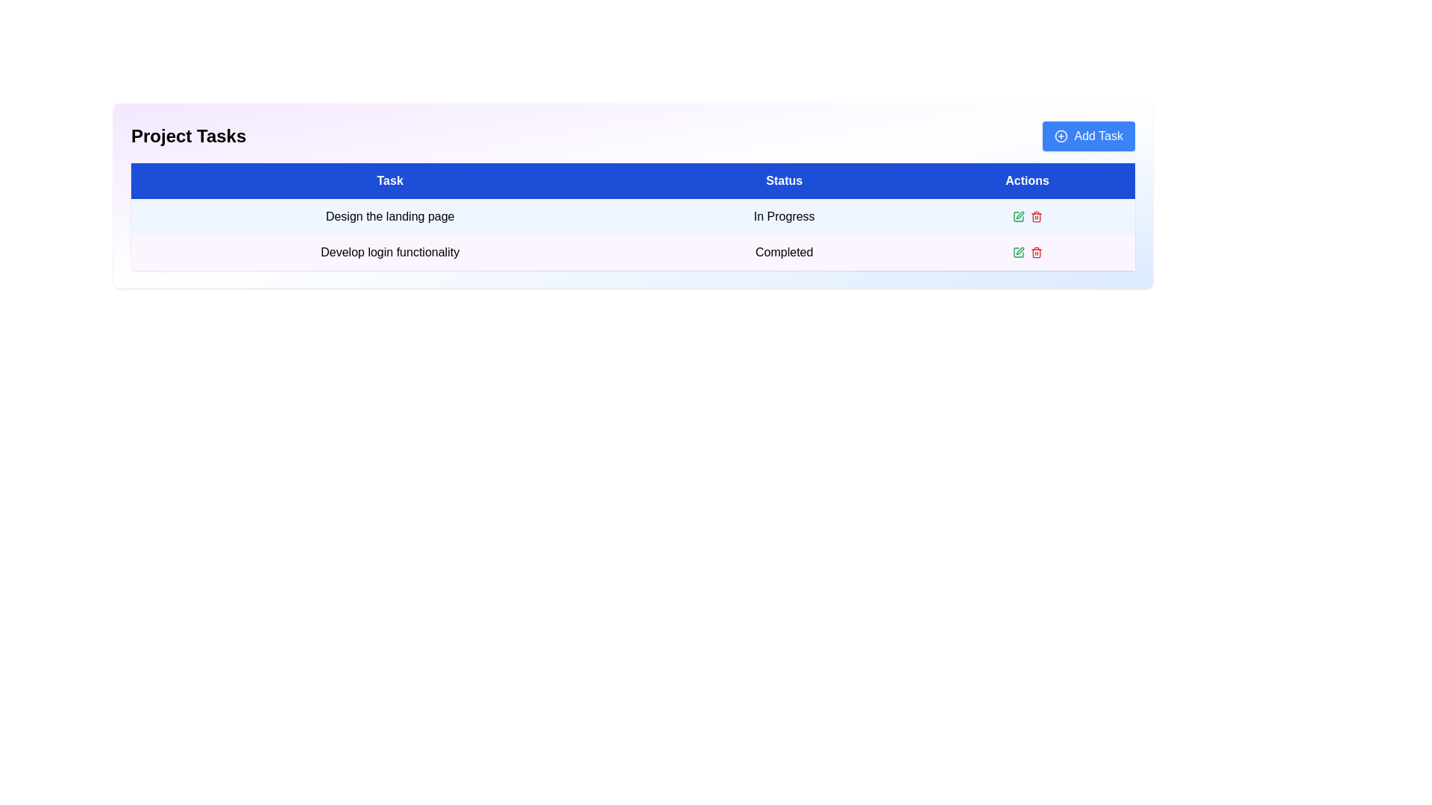 The image size is (1432, 805). Describe the element at coordinates (1017, 216) in the screenshot. I see `the edit icon located in the second row of the task list under the 'Actions' column, adjacent to the red delete icon, to initiate editing the task labeled 'Develop login functionality.'` at that location.